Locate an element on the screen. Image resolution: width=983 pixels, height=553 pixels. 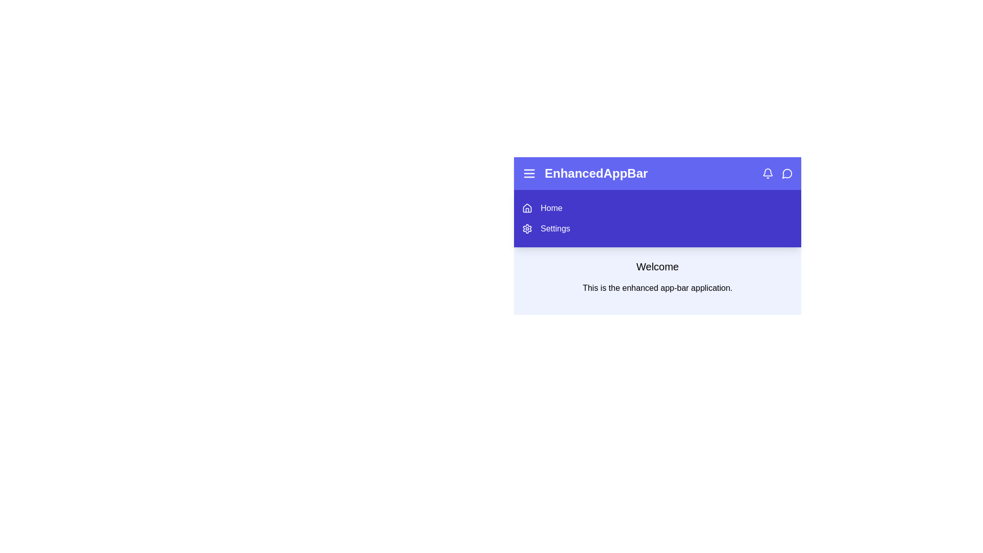
the MessageCircle icon to simulate a messaging action is located at coordinates (786, 173).